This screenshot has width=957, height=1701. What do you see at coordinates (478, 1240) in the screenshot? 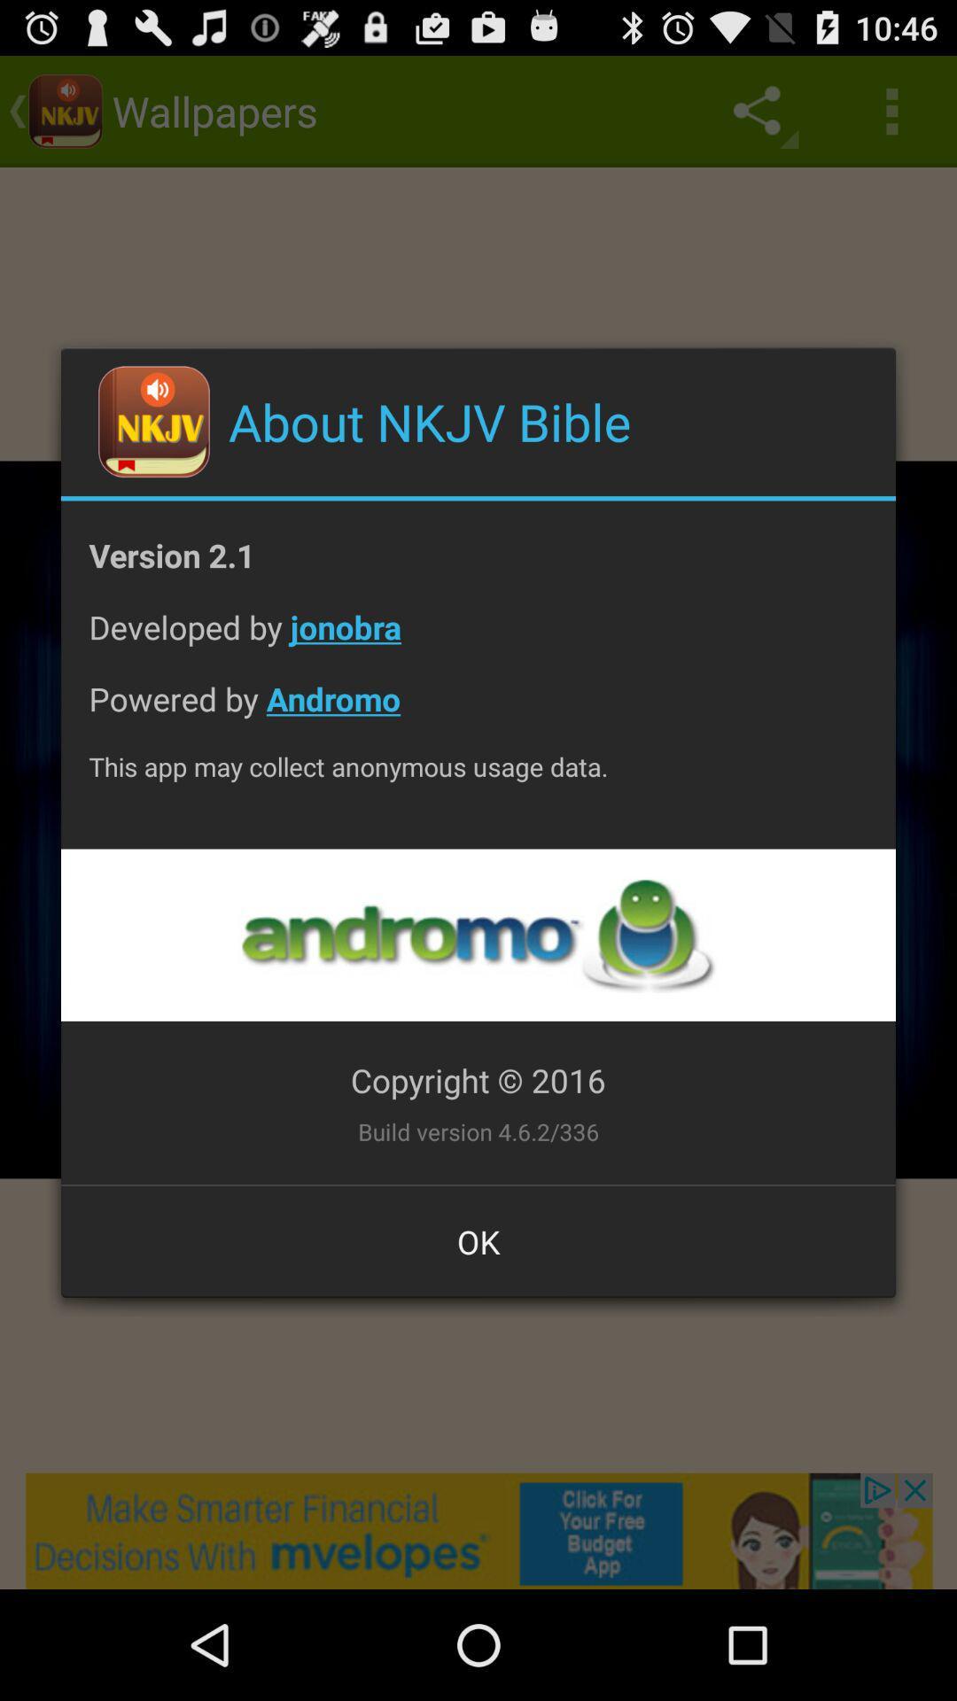
I see `the item at the bottom` at bounding box center [478, 1240].